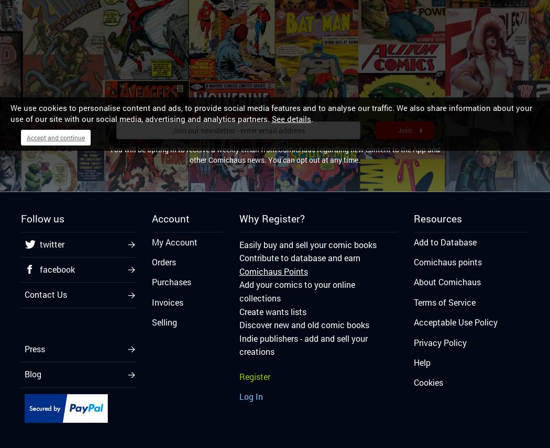 This screenshot has height=448, width=550. What do you see at coordinates (164, 321) in the screenshot?
I see `'Selling'` at bounding box center [164, 321].